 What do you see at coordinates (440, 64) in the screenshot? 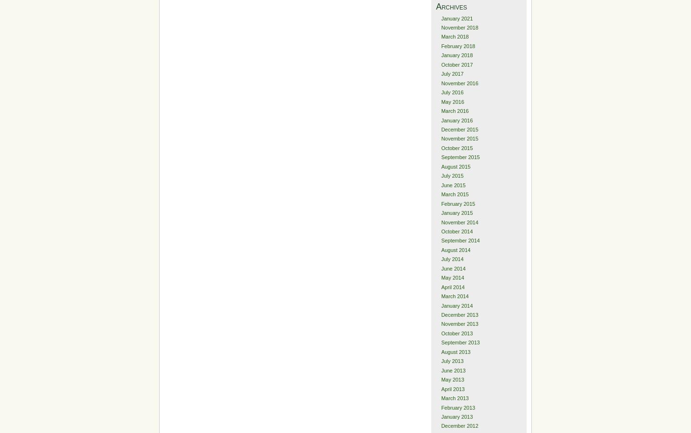
I see `'October 2017'` at bounding box center [440, 64].